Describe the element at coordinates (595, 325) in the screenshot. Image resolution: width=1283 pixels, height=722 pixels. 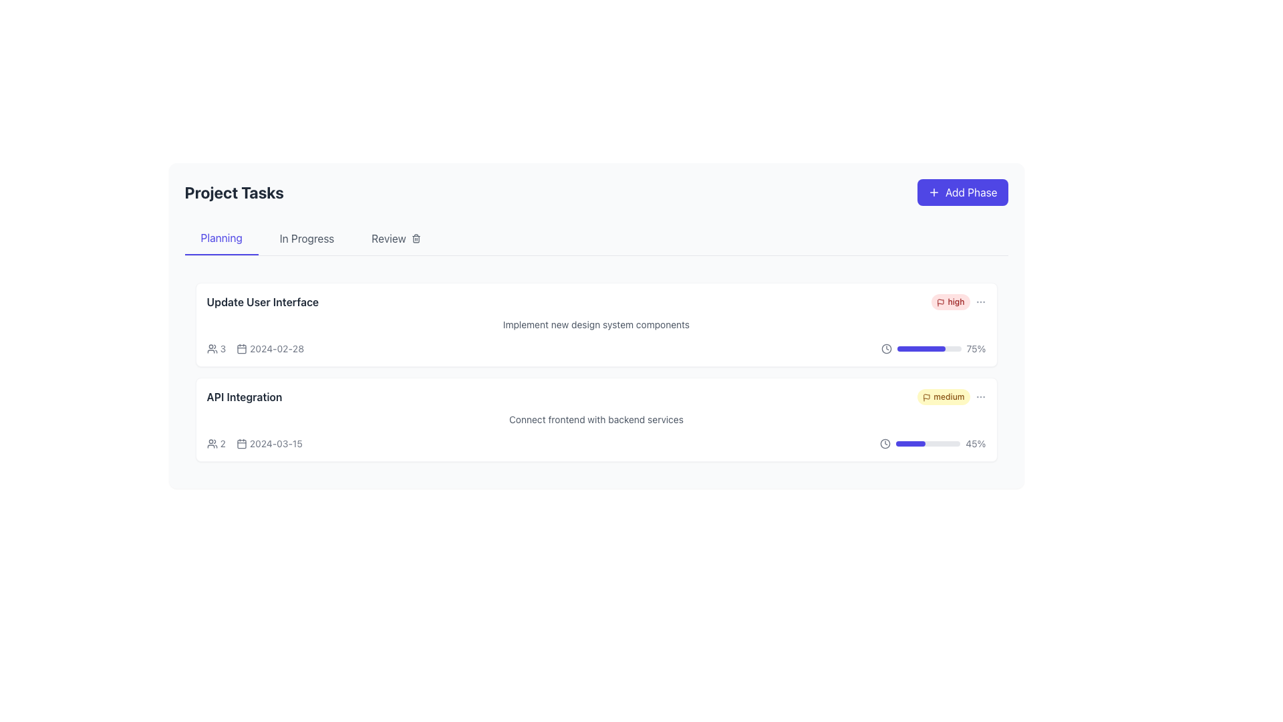
I see `the text label displaying 'Implement new design system components' which is located directly below the task title in the task card titled 'Update User Interface'` at that location.